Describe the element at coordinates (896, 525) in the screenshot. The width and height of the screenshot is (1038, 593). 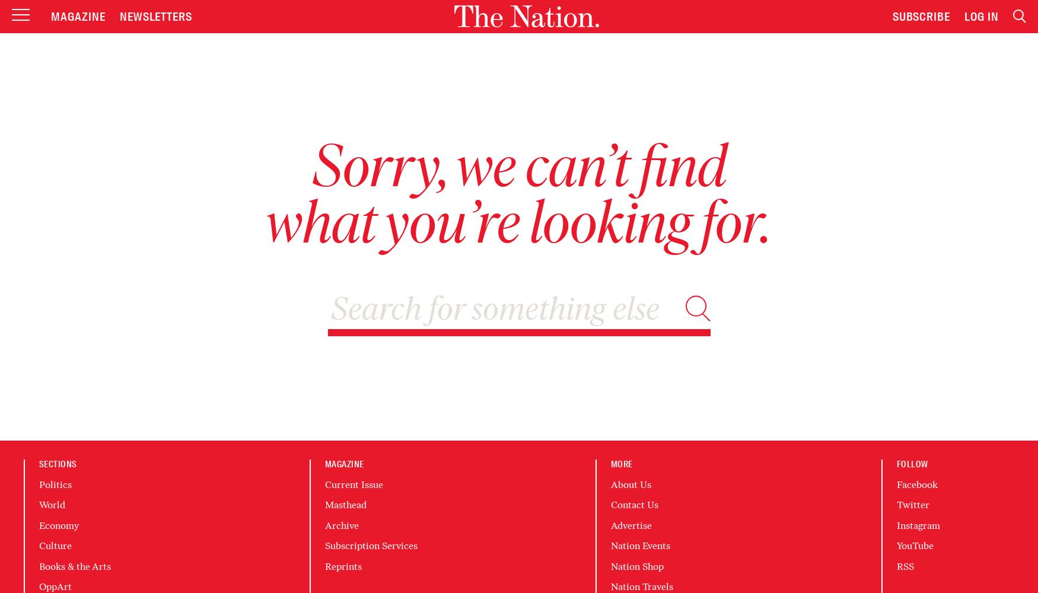
I see `'Instagram'` at that location.